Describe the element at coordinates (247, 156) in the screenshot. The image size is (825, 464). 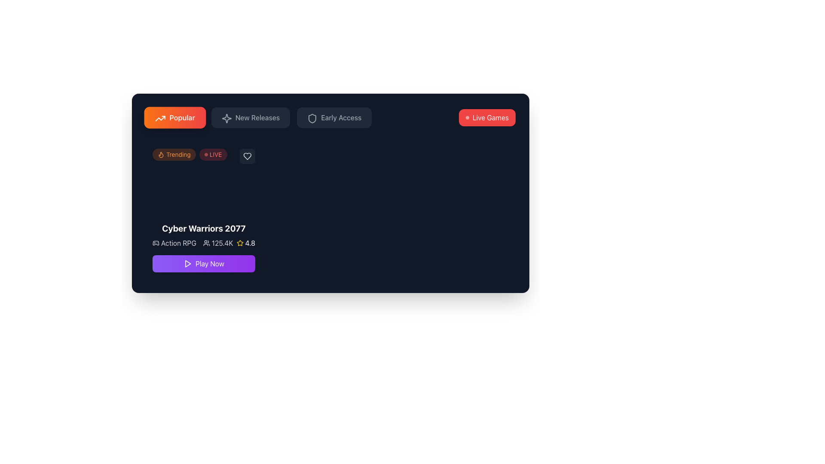
I see `the heart-shaped button with a dark gray background and white outline, located next to the 'LIVE' label in the top portion of the interface` at that location.